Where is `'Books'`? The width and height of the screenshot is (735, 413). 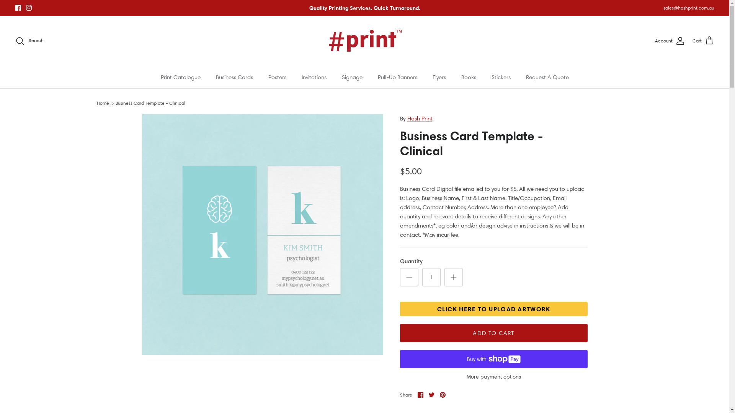 'Books' is located at coordinates (454, 77).